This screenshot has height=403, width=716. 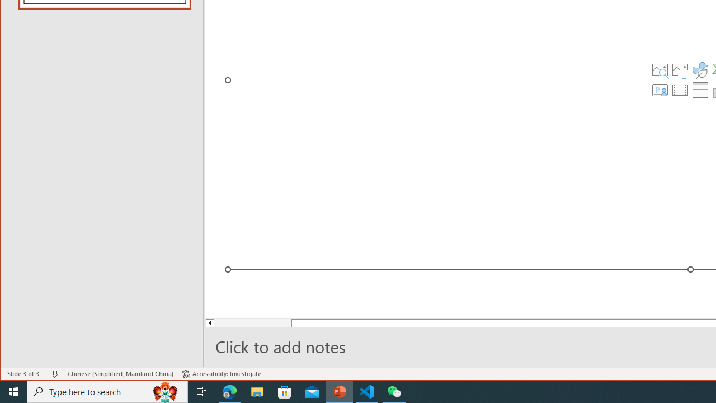 What do you see at coordinates (367, 391) in the screenshot?
I see `'Visual Studio Code - 1 running window'` at bounding box center [367, 391].